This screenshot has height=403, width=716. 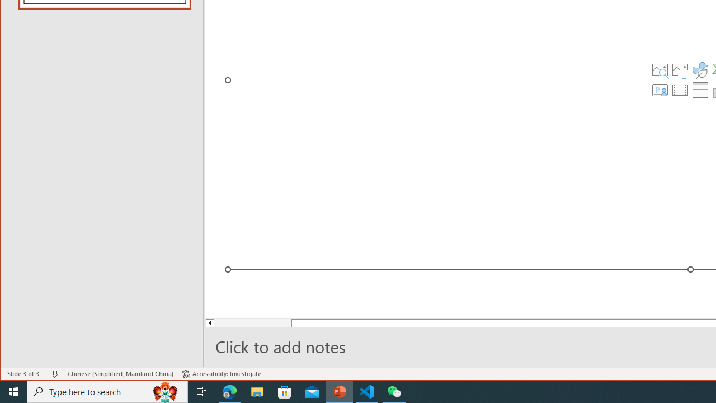 What do you see at coordinates (367, 391) in the screenshot?
I see `'Visual Studio Code - 1 running window'` at bounding box center [367, 391].